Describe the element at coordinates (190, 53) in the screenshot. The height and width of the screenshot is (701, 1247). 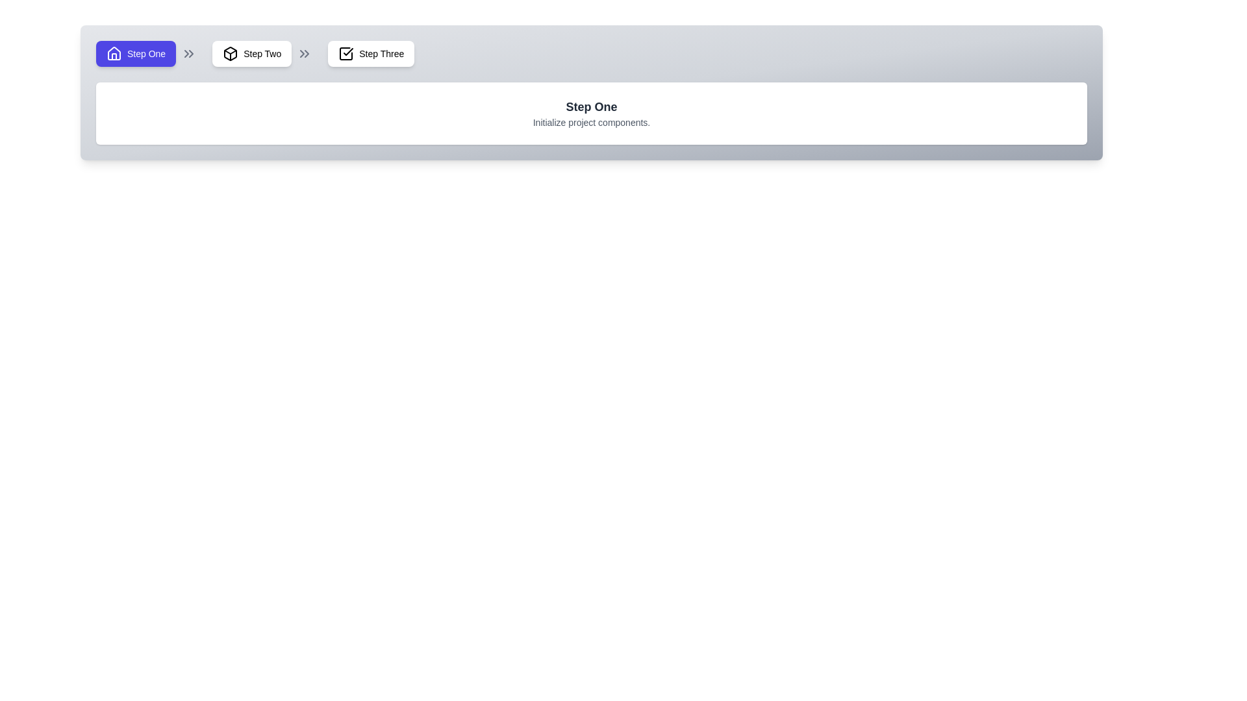
I see `the second rightward chevron arrow icon in the top navigation bar to possibly trigger navigation or an action` at that location.